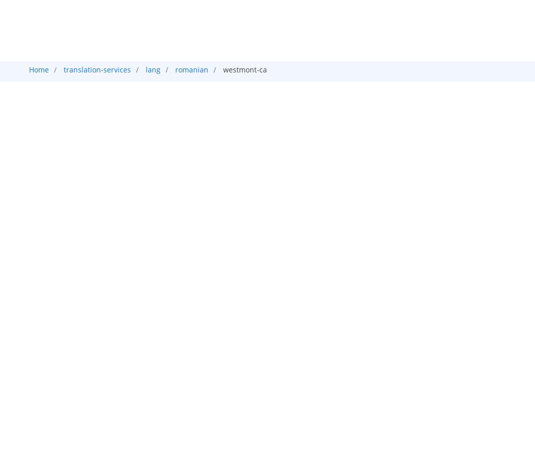 This screenshot has height=474, width=535. I want to click on 'Document', so click(211, 110).